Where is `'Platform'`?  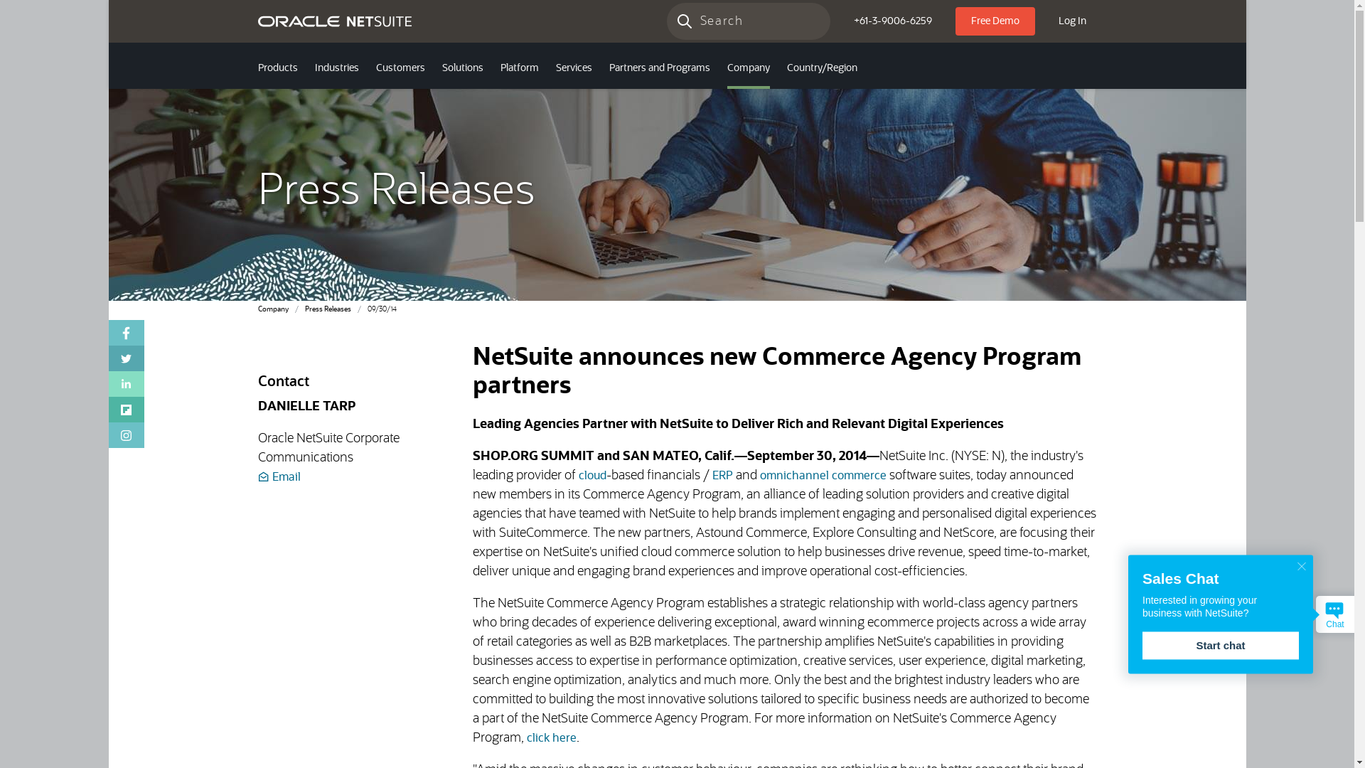 'Platform' is located at coordinates (518, 69).